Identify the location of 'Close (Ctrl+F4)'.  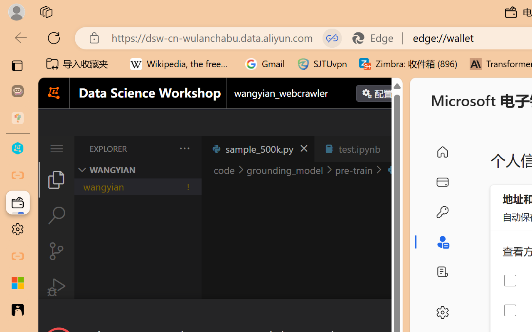
(393, 149).